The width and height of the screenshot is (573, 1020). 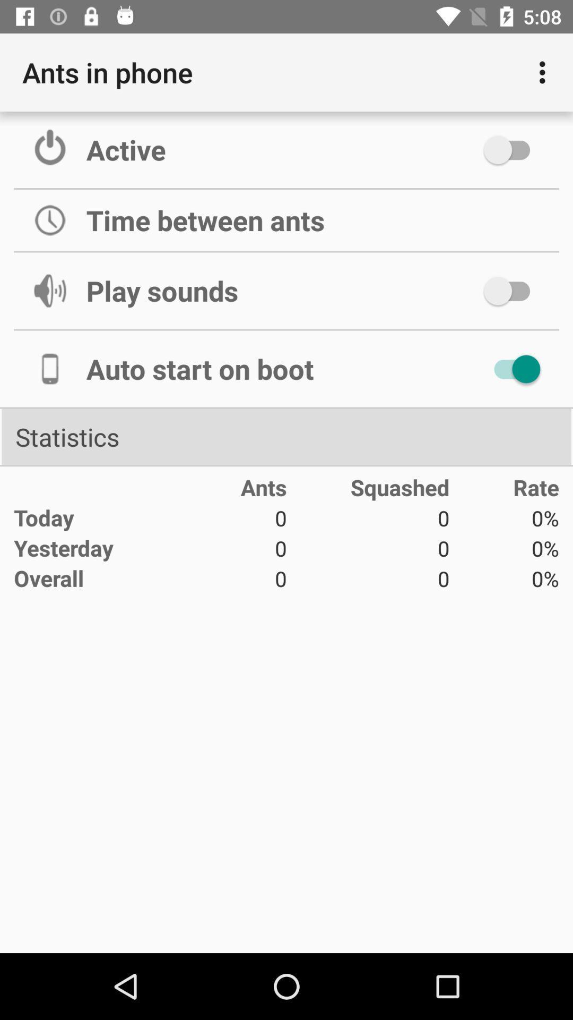 What do you see at coordinates (545, 72) in the screenshot?
I see `item to the right of ants in phone` at bounding box center [545, 72].